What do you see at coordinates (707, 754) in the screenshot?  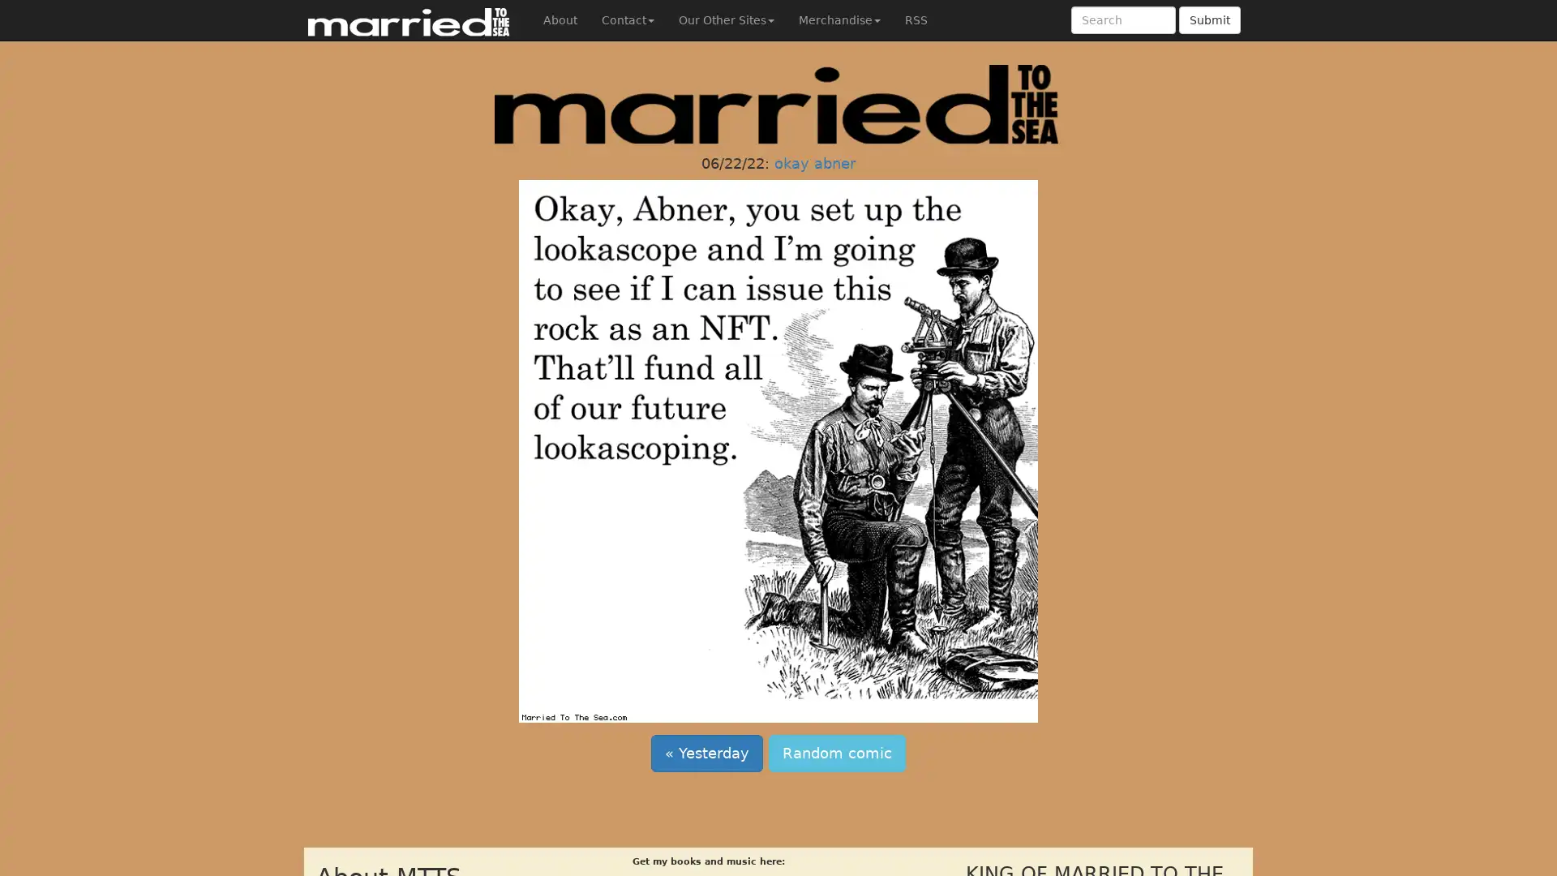 I see `Yesterday` at bounding box center [707, 754].